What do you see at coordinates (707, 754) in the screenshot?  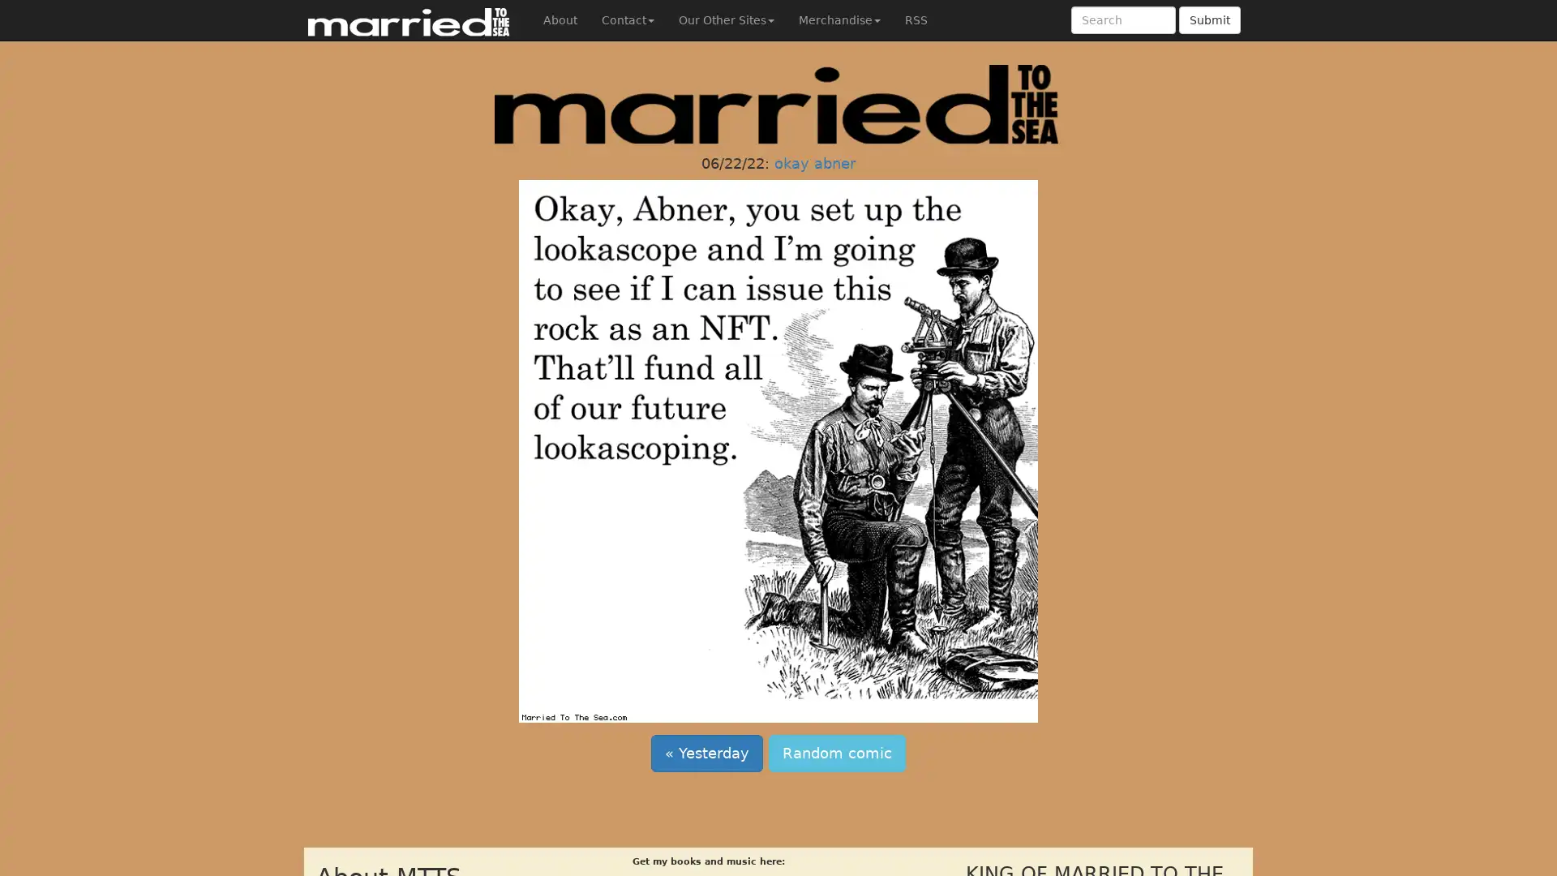 I see `Yesterday` at bounding box center [707, 754].